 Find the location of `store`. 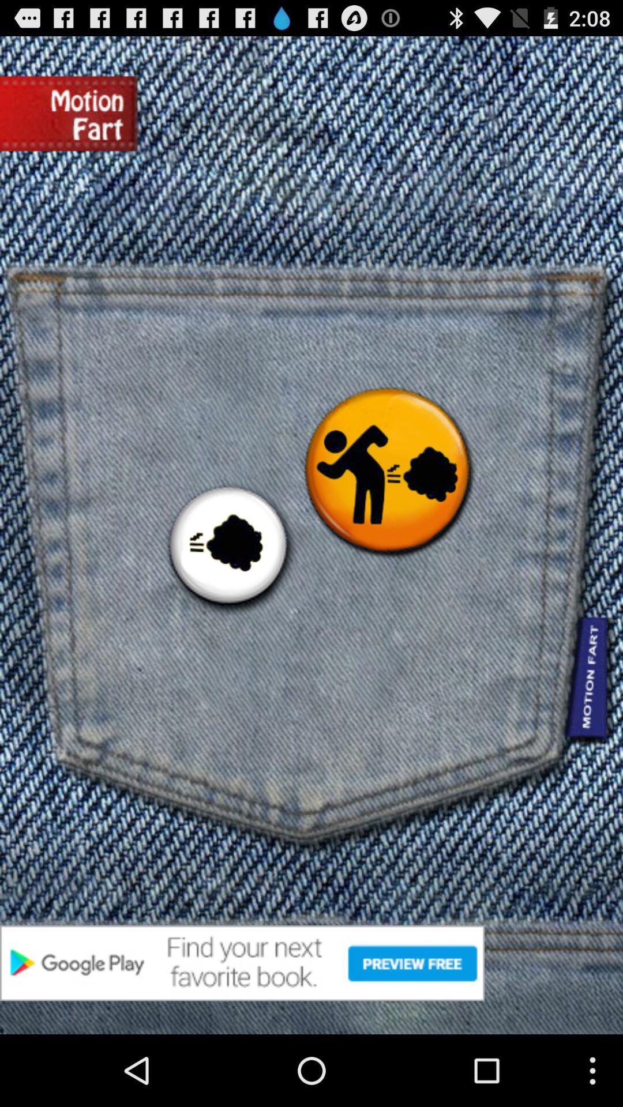

store is located at coordinates (311, 963).